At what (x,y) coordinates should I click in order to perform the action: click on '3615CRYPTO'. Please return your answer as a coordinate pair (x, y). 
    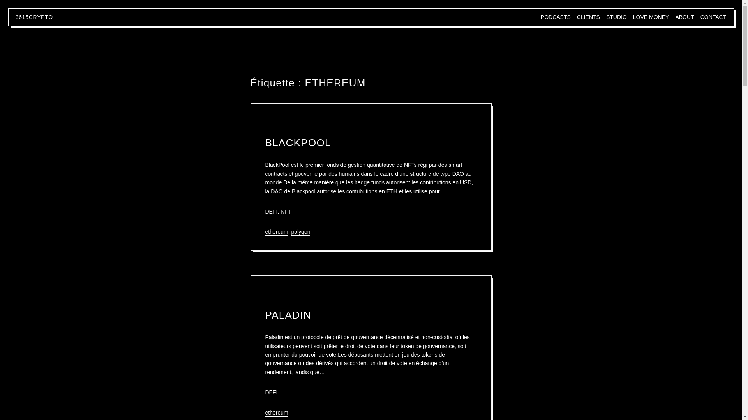
    Looking at the image, I should click on (34, 17).